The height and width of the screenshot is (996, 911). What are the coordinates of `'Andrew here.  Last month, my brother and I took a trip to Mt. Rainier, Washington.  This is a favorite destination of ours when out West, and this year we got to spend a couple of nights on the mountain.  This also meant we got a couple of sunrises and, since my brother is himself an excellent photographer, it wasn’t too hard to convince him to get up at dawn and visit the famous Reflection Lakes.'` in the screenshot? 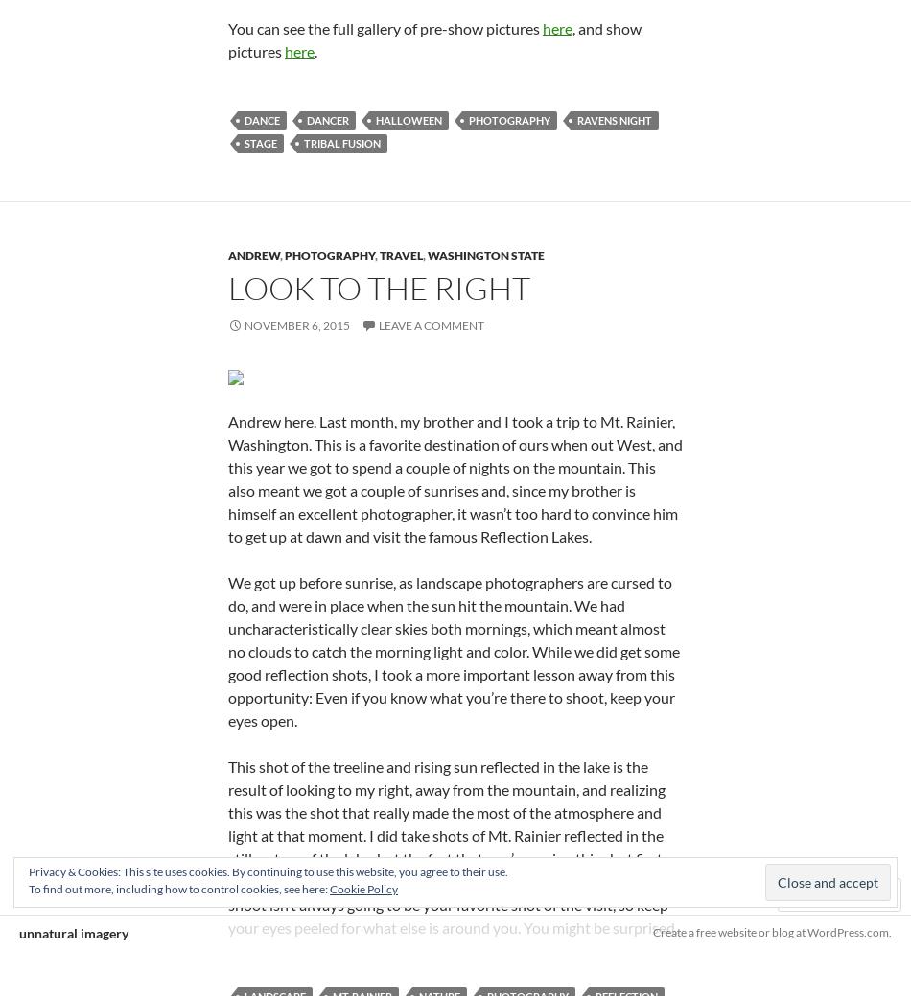 It's located at (227, 477).